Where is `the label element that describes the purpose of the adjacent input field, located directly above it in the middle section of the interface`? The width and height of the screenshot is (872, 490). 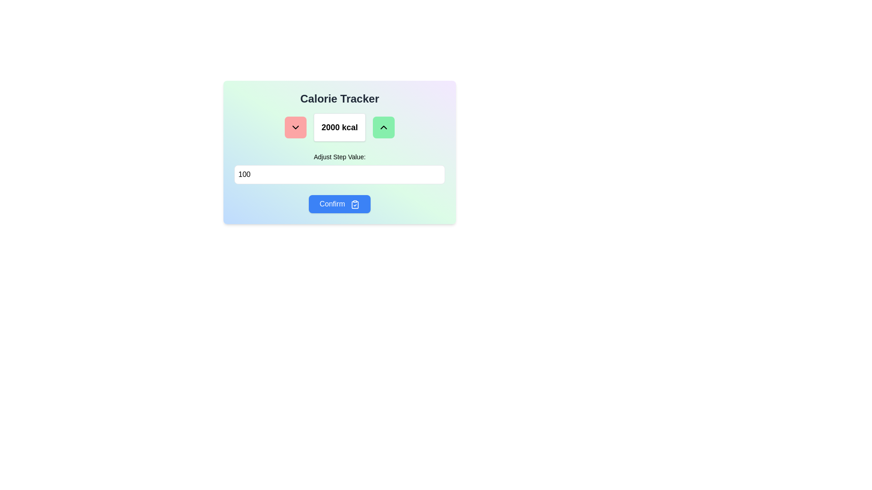
the label element that describes the purpose of the adjacent input field, located directly above it in the middle section of the interface is located at coordinates (339, 157).